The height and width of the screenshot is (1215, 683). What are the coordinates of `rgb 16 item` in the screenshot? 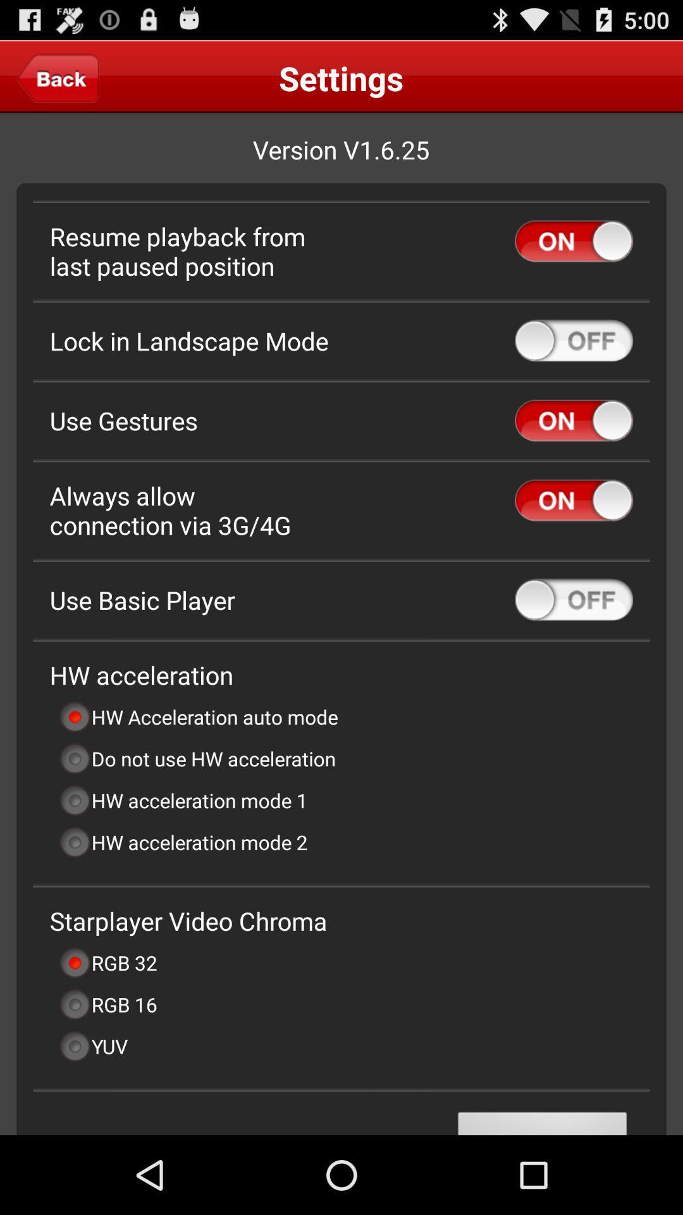 It's located at (107, 1004).